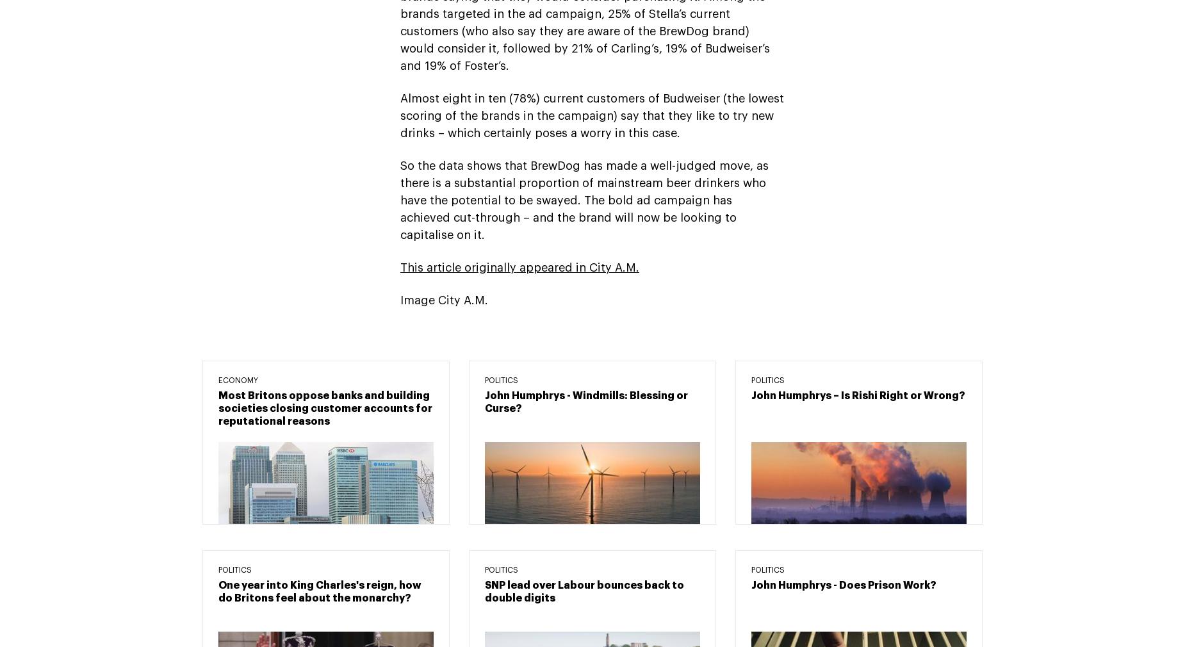 The width and height of the screenshot is (1185, 647). I want to click on 'Almost eight in ten (78%) current customers of Budweiser (the lowest scoring of the brands in the campaign) say that they like to try new drinks – which certainly poses a worry in this case.', so click(400, 114).